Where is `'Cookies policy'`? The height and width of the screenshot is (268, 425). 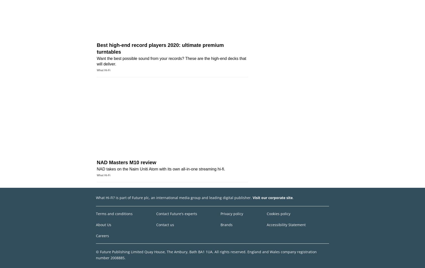
'Cookies policy' is located at coordinates (267, 213).